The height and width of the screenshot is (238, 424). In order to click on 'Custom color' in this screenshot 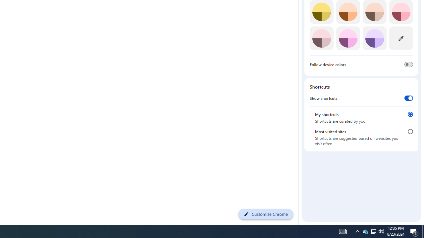, I will do `click(400, 38)`.